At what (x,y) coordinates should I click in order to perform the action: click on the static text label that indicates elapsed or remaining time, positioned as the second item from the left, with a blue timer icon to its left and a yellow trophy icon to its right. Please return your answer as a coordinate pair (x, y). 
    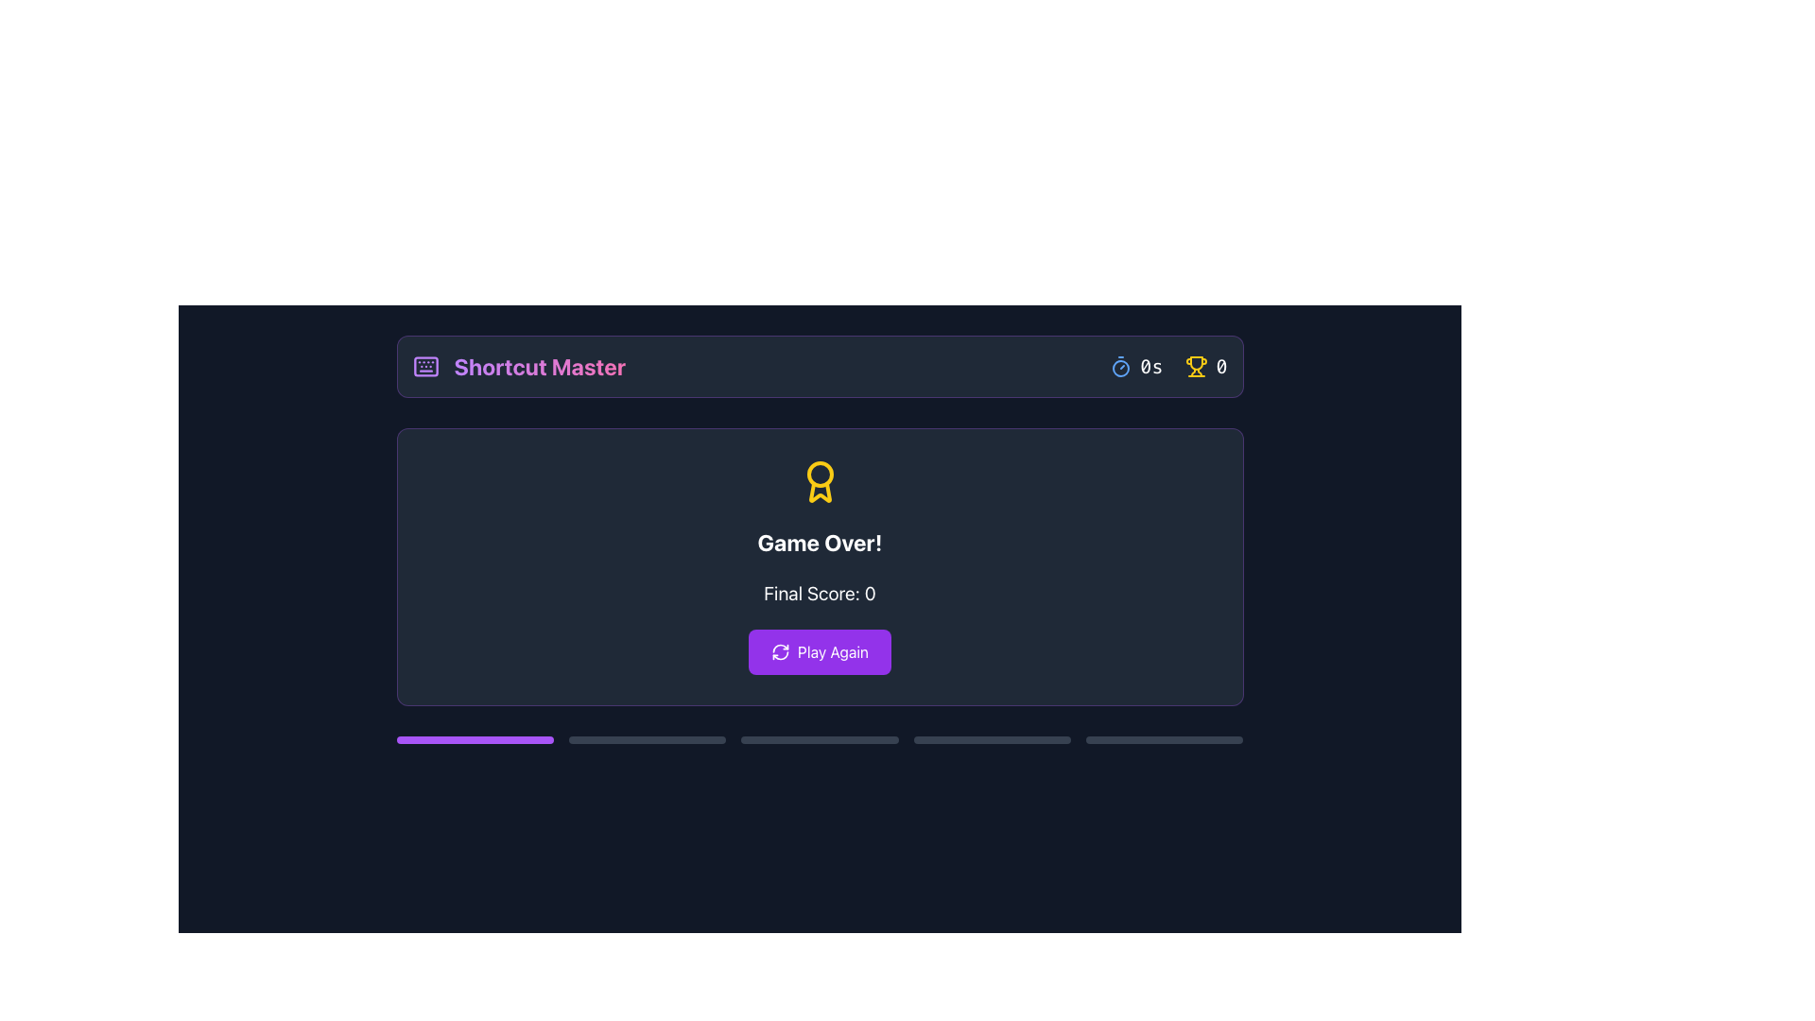
    Looking at the image, I should click on (1150, 367).